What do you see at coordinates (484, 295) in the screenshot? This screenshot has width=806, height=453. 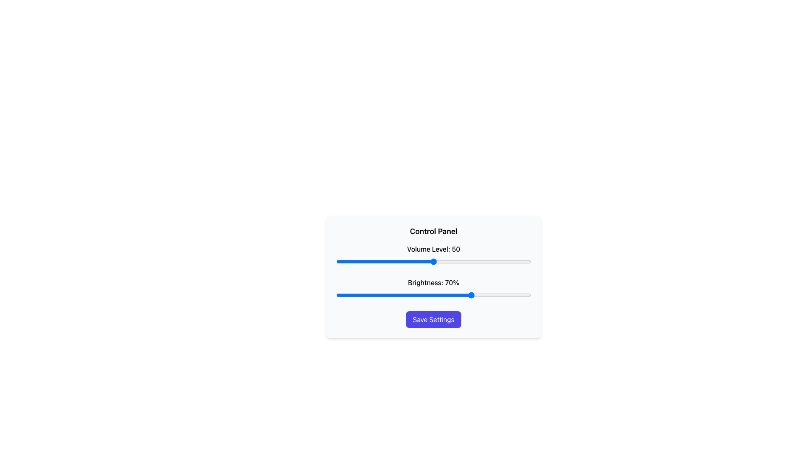 I see `brightness level` at bounding box center [484, 295].